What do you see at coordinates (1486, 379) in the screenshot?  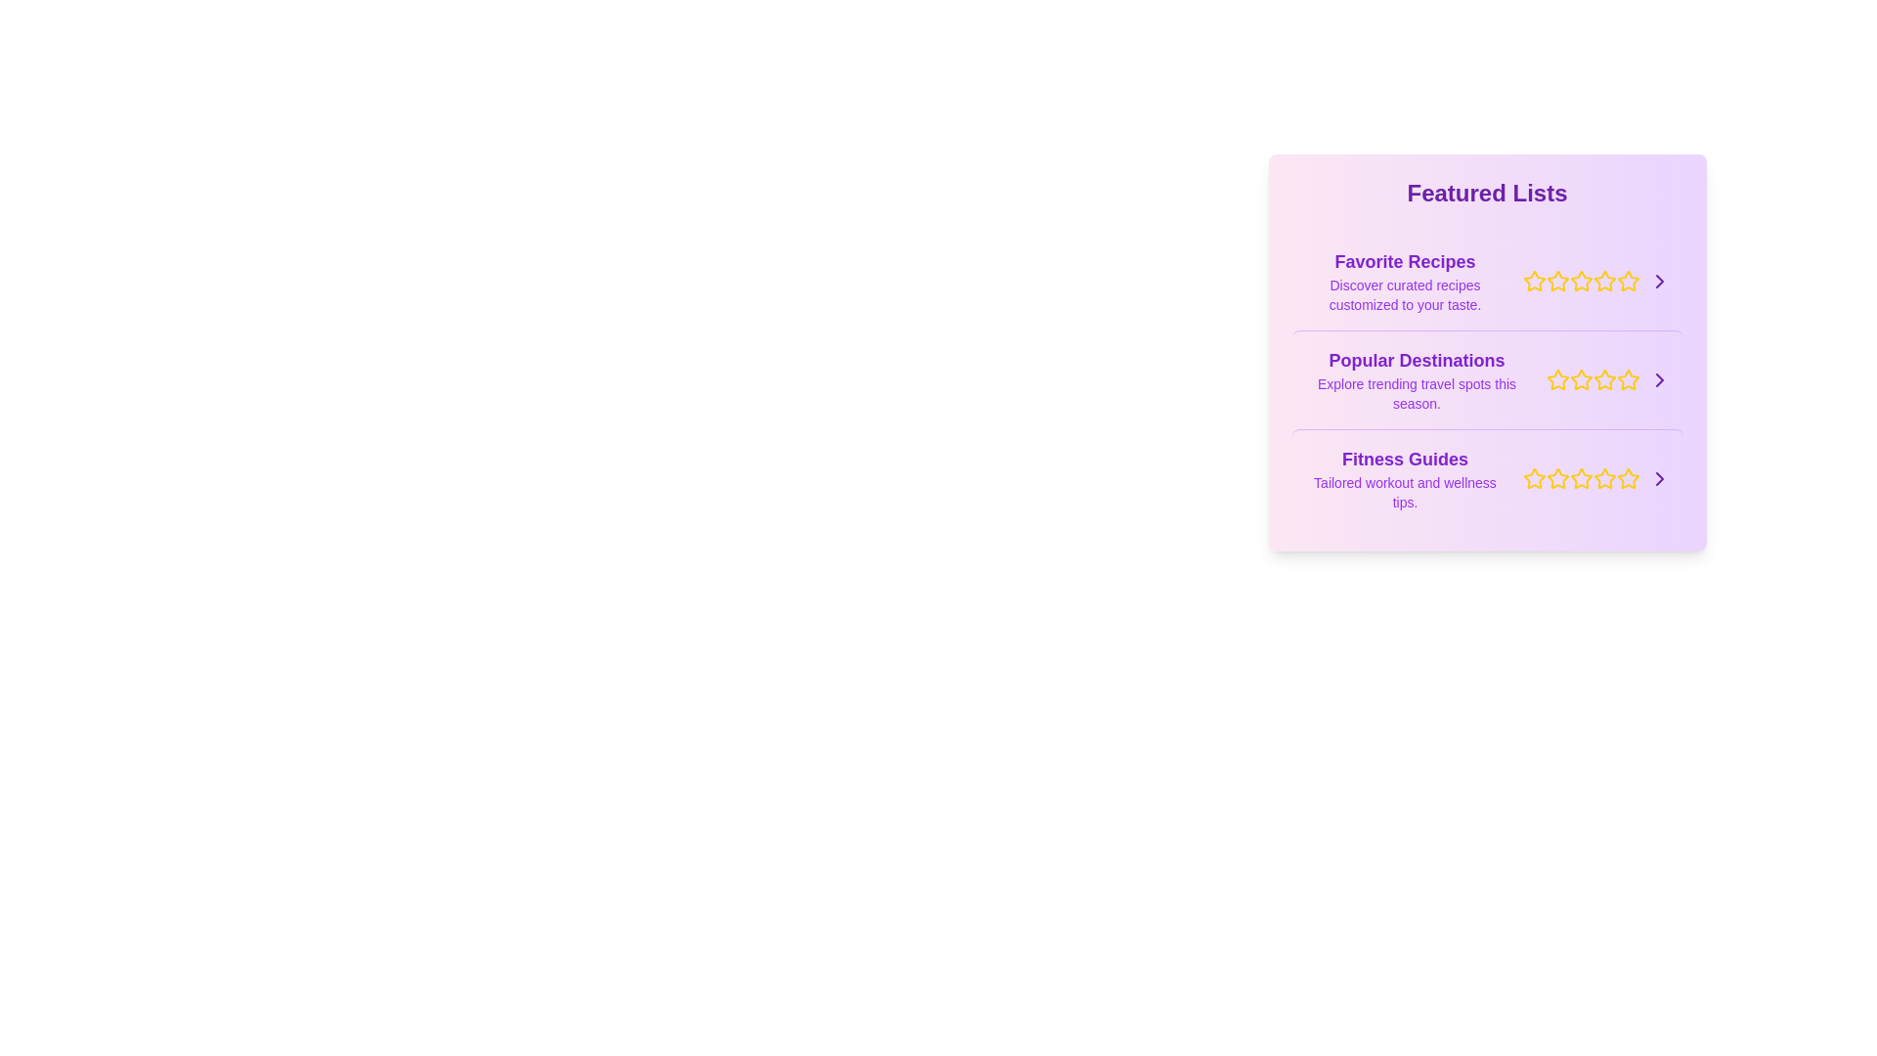 I see `the list item labeled 'Popular Destinations' to select it` at bounding box center [1486, 379].